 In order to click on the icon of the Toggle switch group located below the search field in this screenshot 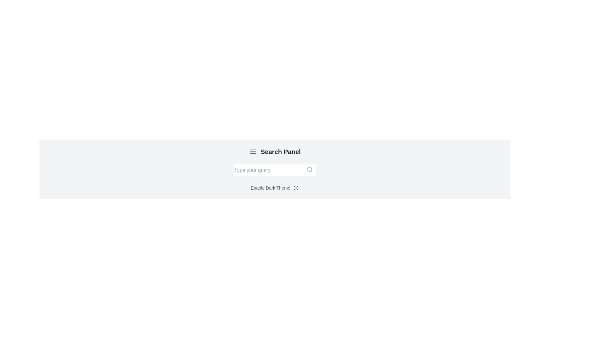, I will do `click(275, 187)`.